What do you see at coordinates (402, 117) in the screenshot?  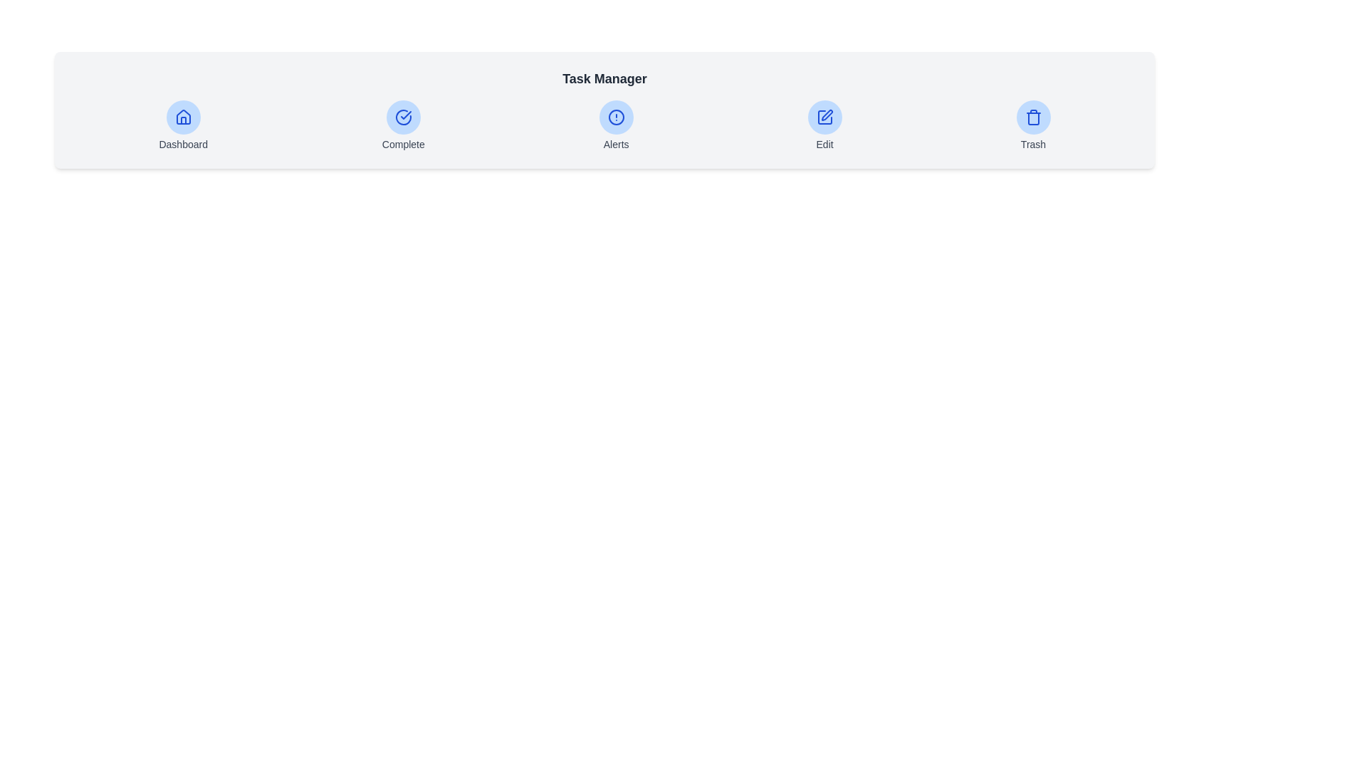 I see `the circular 'Complete' button icon with a light blue background and a checkmark inside, which is centrally positioned in the navigation bar` at bounding box center [402, 117].